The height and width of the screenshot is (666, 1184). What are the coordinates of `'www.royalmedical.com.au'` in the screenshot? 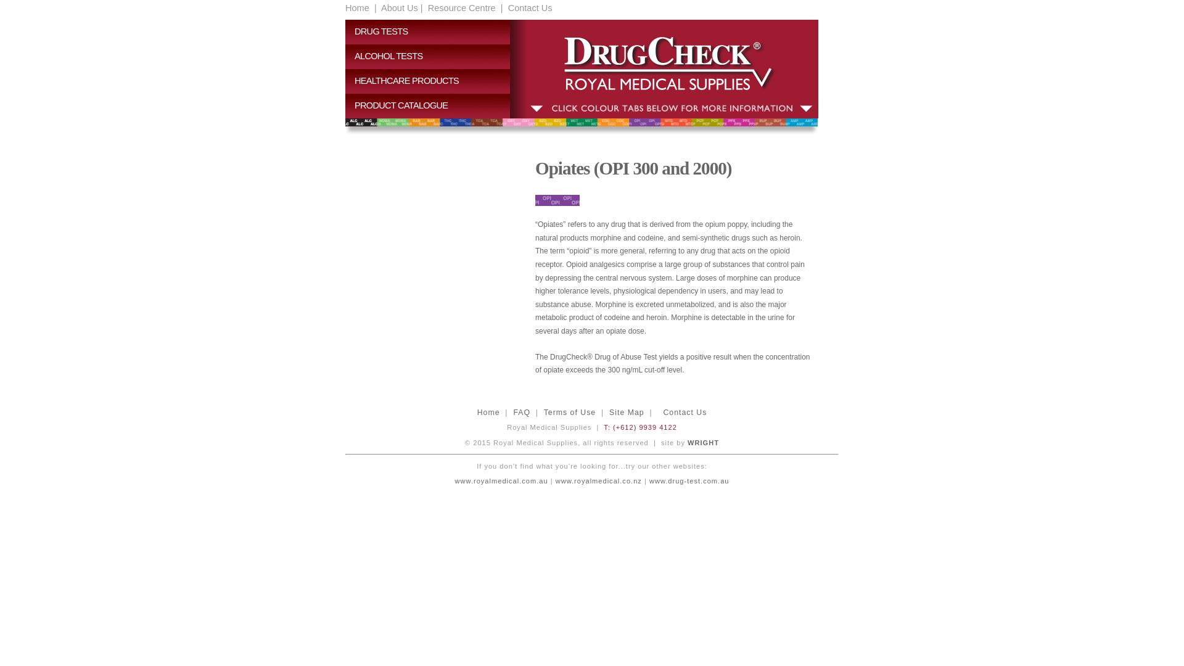 It's located at (580, 488).